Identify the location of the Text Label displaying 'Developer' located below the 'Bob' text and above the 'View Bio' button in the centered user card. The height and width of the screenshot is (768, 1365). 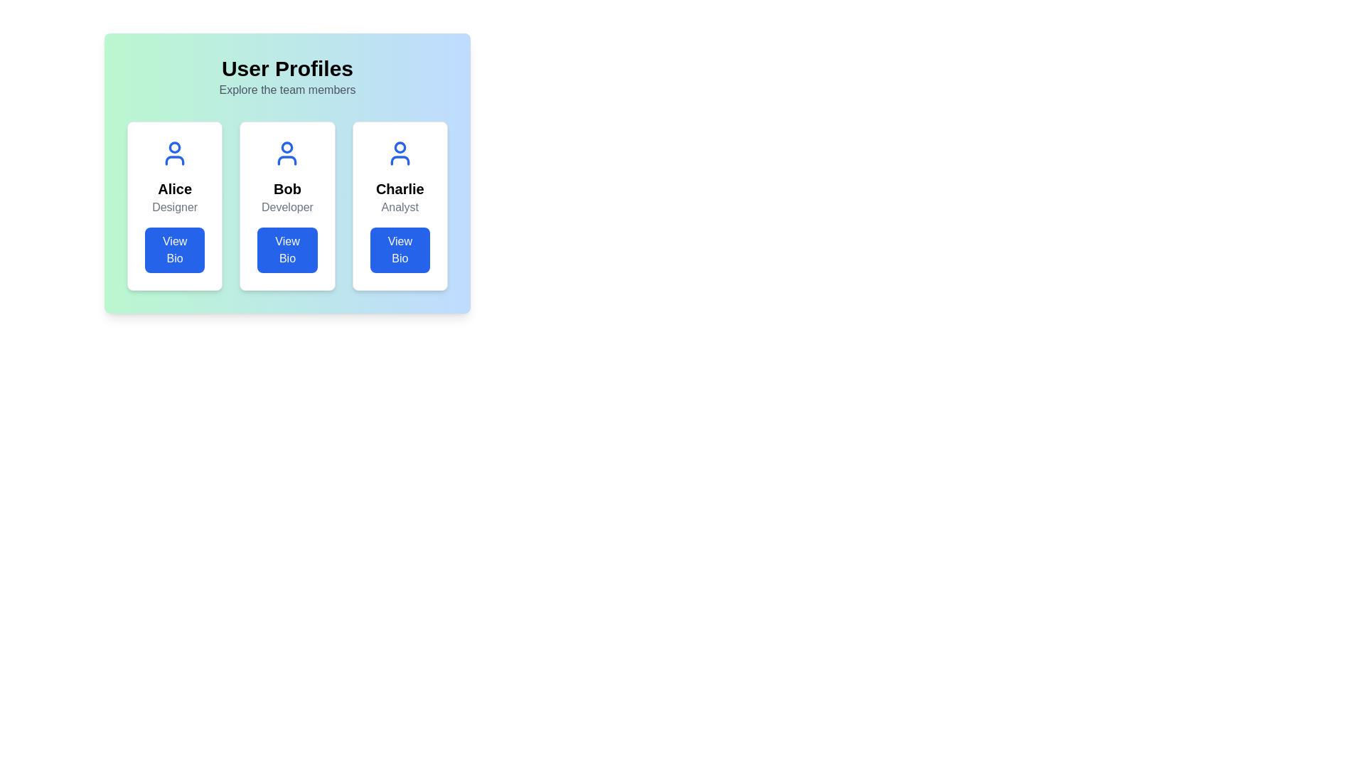
(287, 208).